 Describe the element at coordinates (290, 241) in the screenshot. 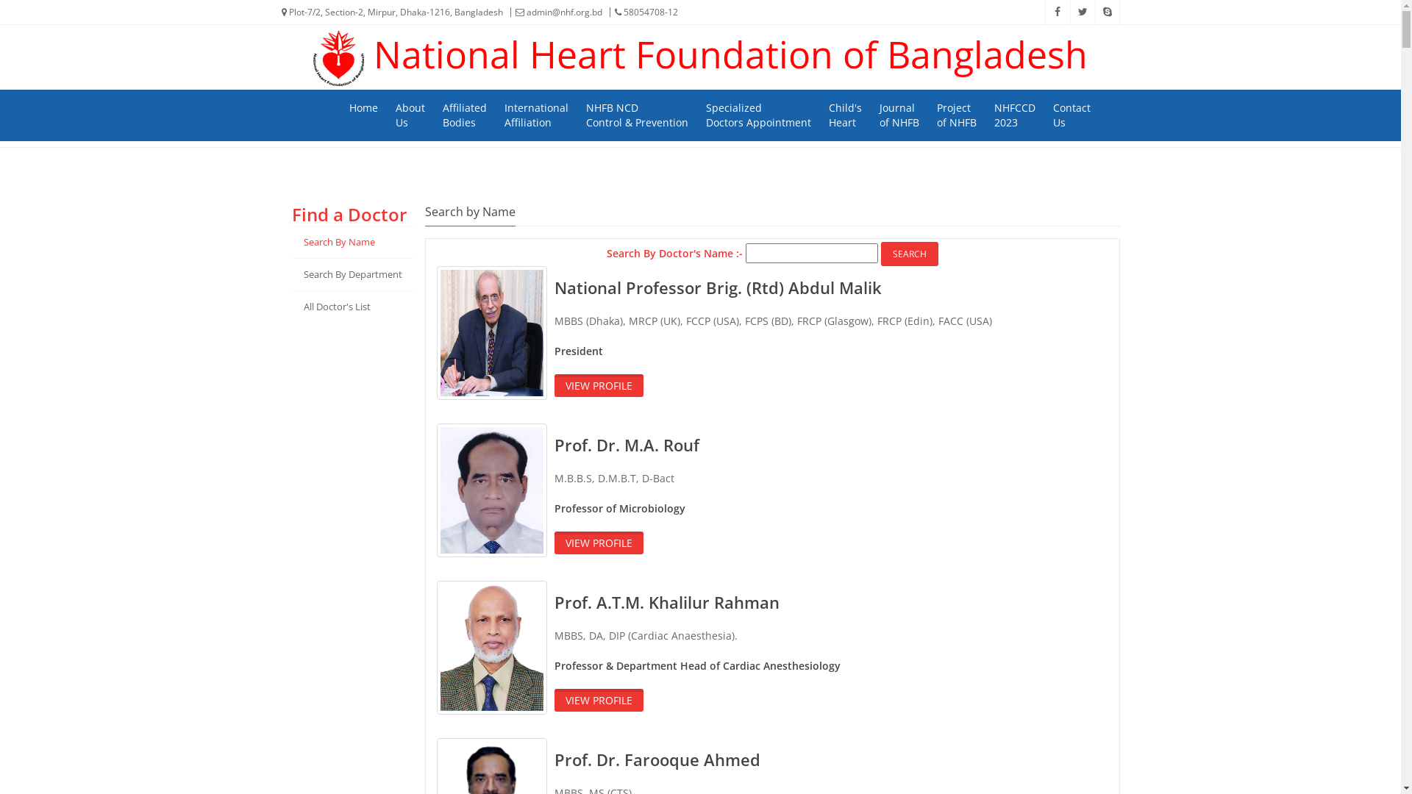

I see `'Search By Name'` at that location.